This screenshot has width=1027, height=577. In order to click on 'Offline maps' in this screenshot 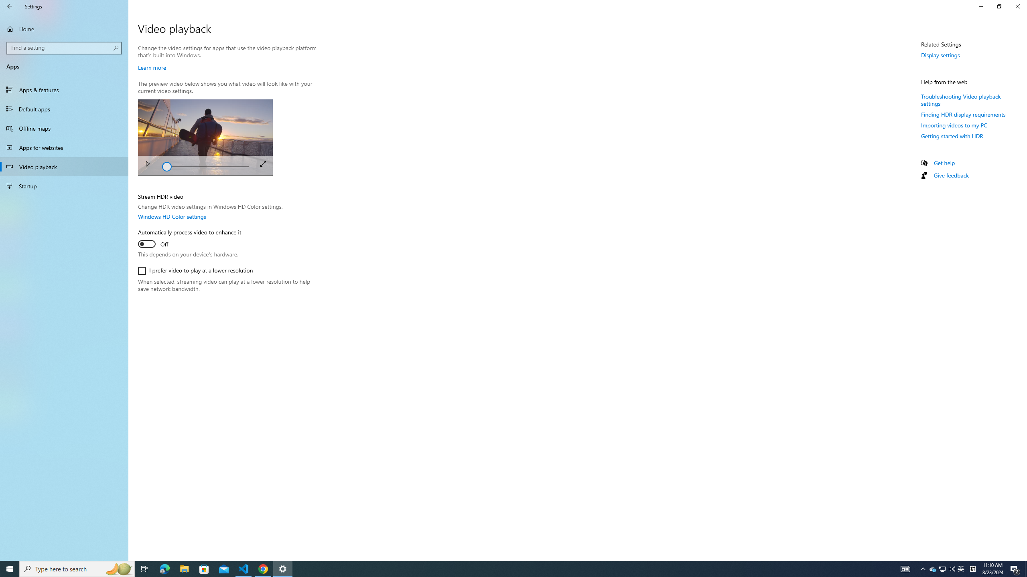, I will do `click(64, 128)`.